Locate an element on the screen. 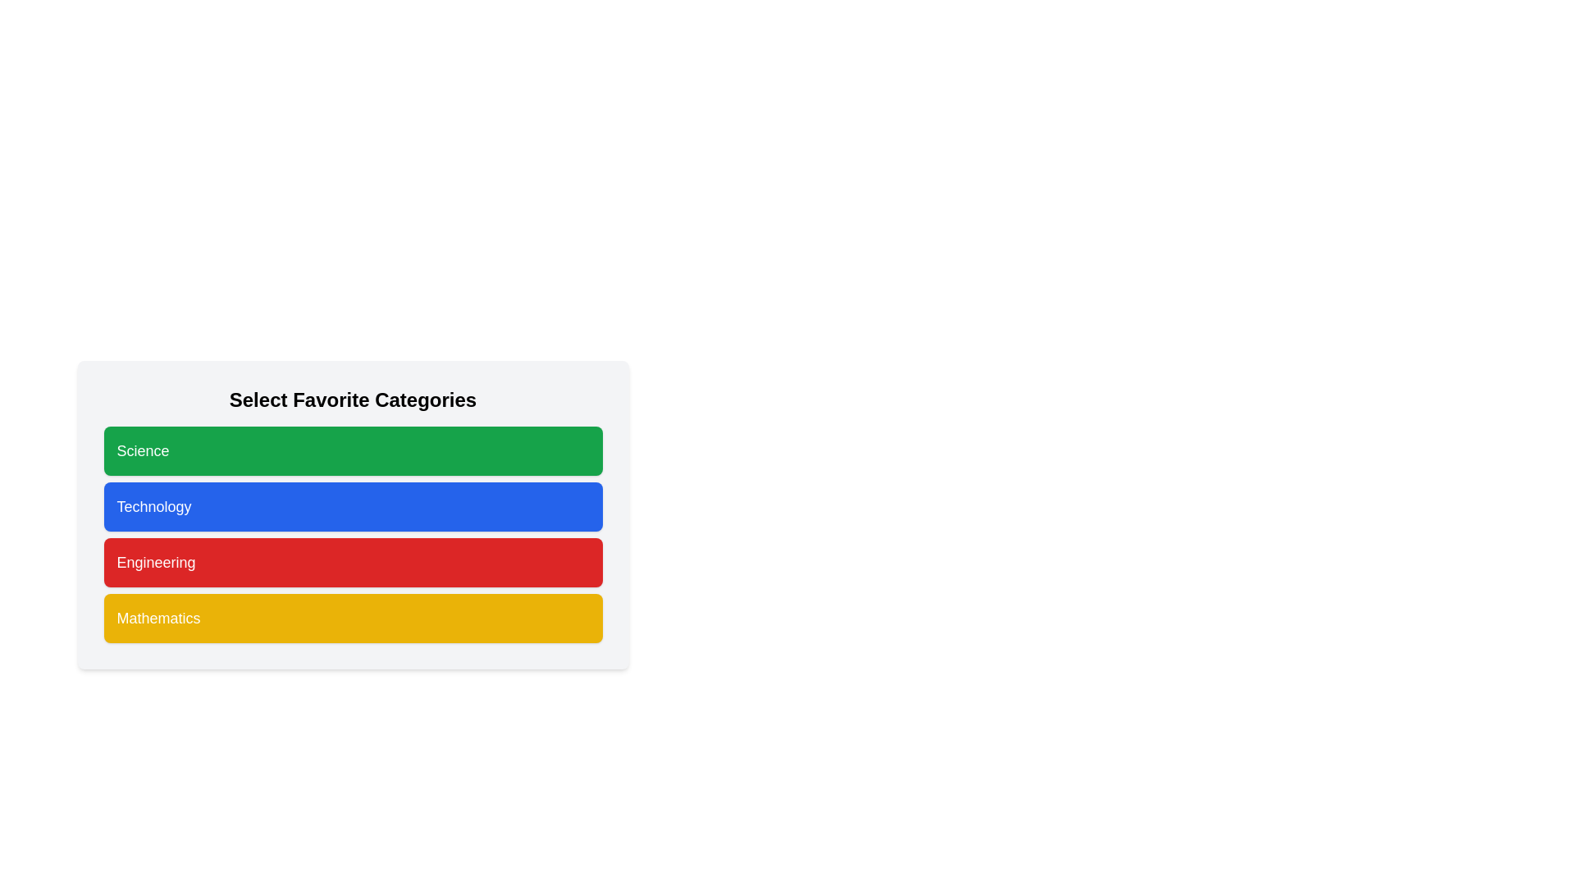 This screenshot has width=1575, height=886. the 'Engineering' button is located at coordinates (352, 562).